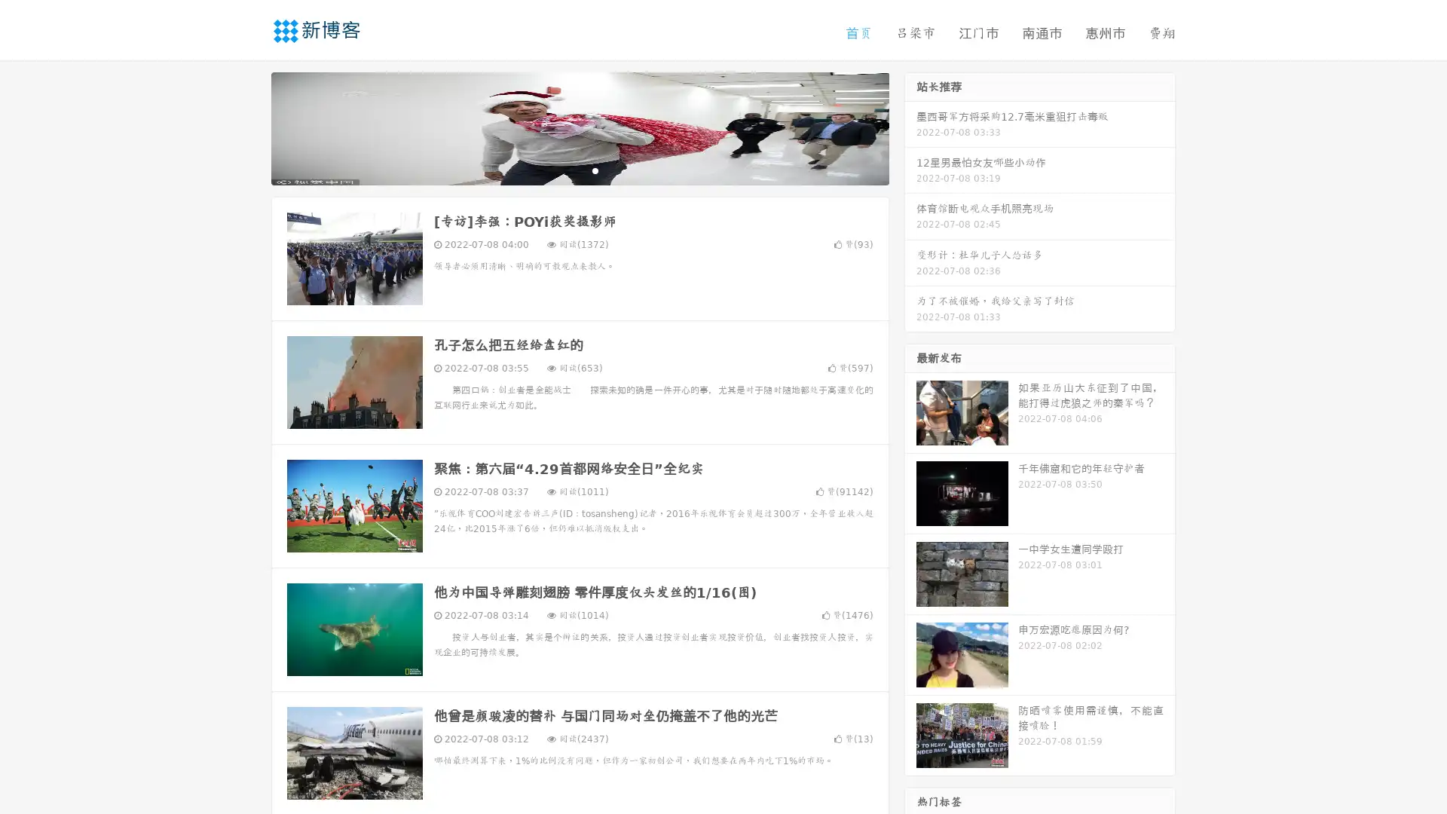  I want to click on Next slide, so click(910, 127).